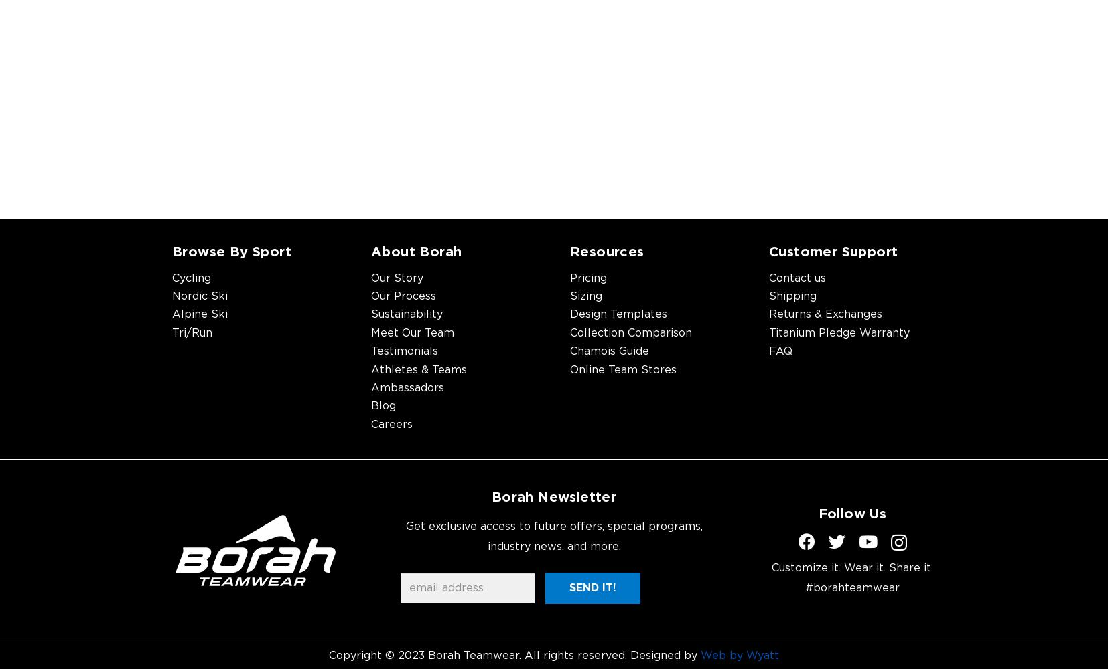 Image resolution: width=1108 pixels, height=669 pixels. Describe the element at coordinates (833, 252) in the screenshot. I see `'Customer Support'` at that location.